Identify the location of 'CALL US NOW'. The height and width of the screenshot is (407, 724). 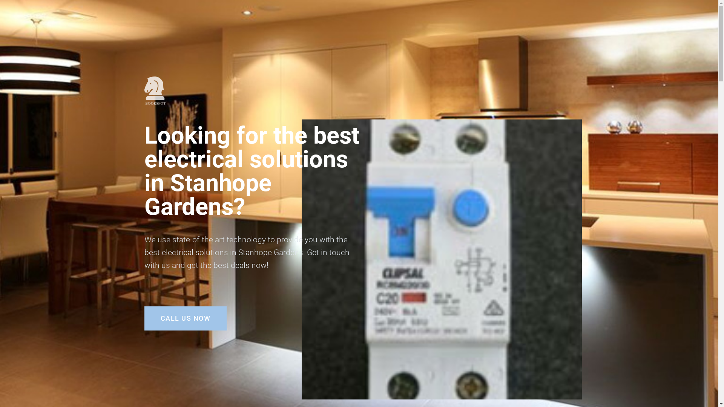
(185, 318).